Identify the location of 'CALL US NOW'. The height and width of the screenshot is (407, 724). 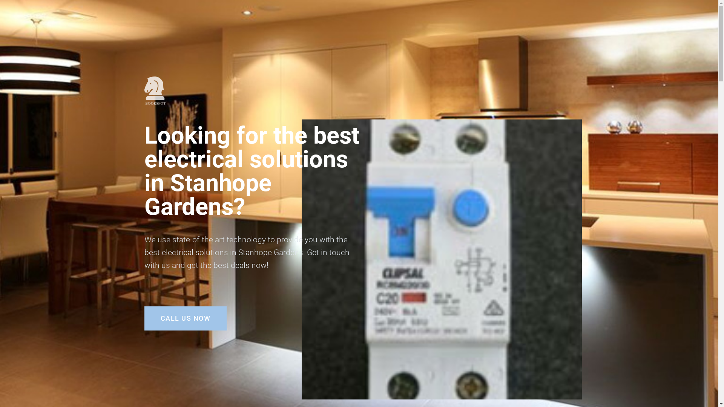
(185, 318).